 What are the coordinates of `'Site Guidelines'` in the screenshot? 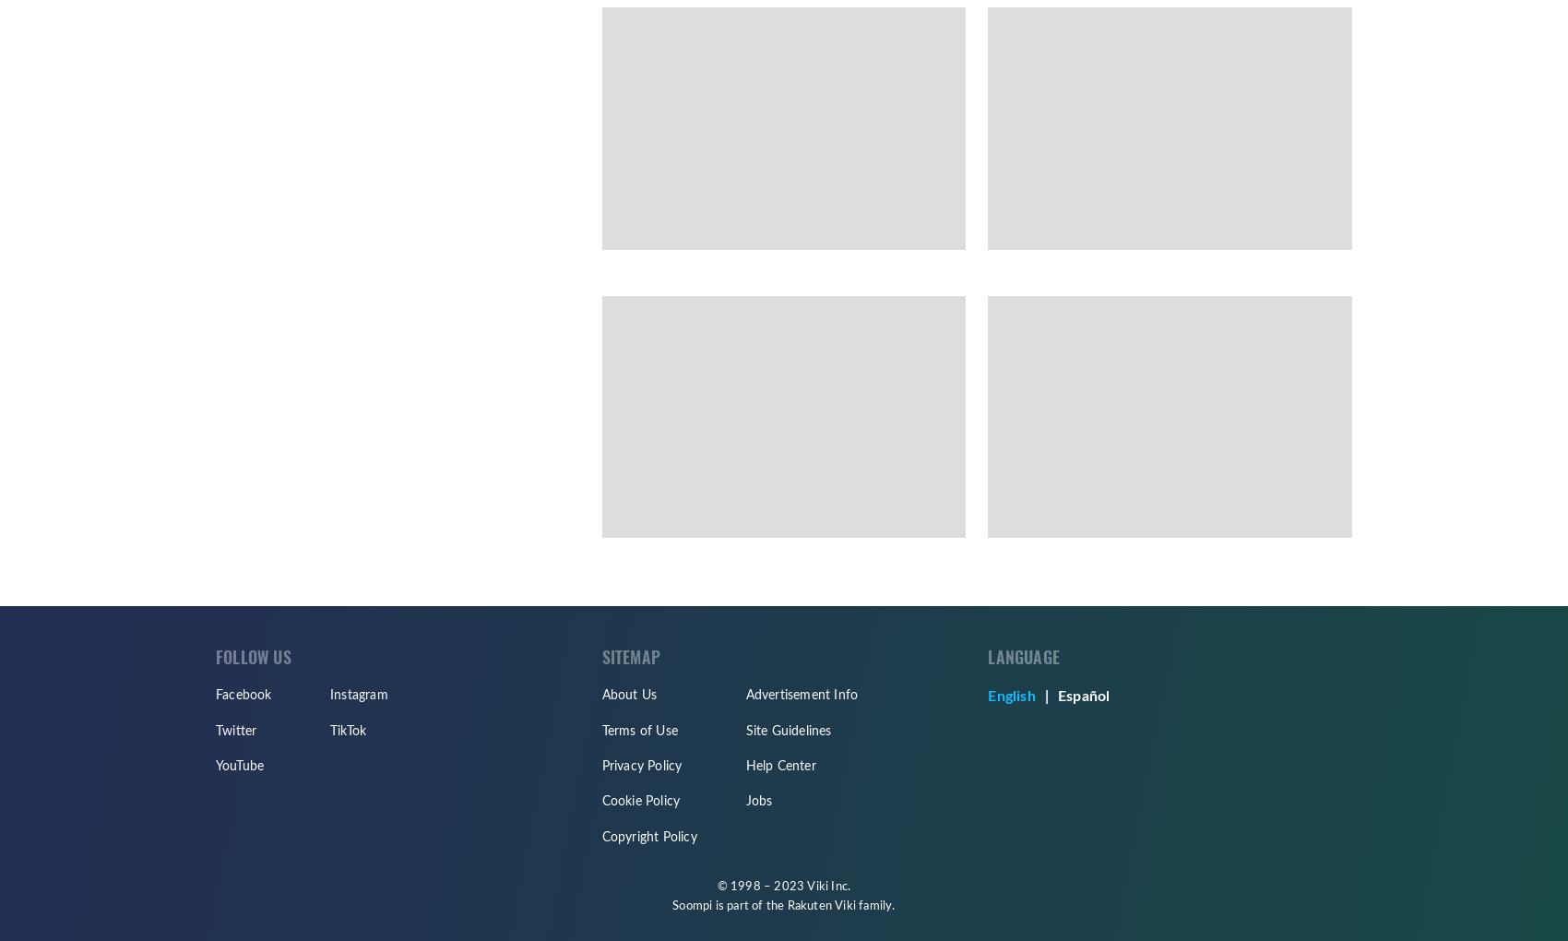 It's located at (788, 730).